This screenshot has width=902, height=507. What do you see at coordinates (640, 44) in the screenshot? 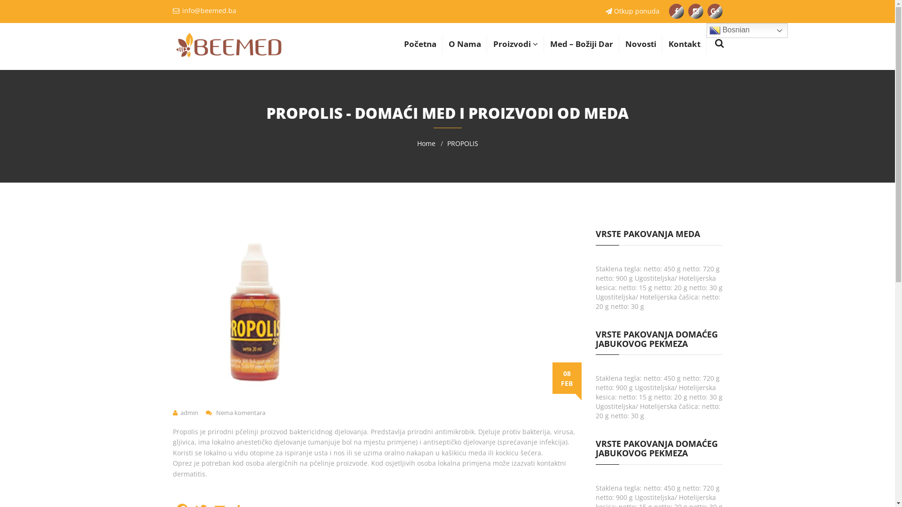
I see `'Novosti'` at bounding box center [640, 44].